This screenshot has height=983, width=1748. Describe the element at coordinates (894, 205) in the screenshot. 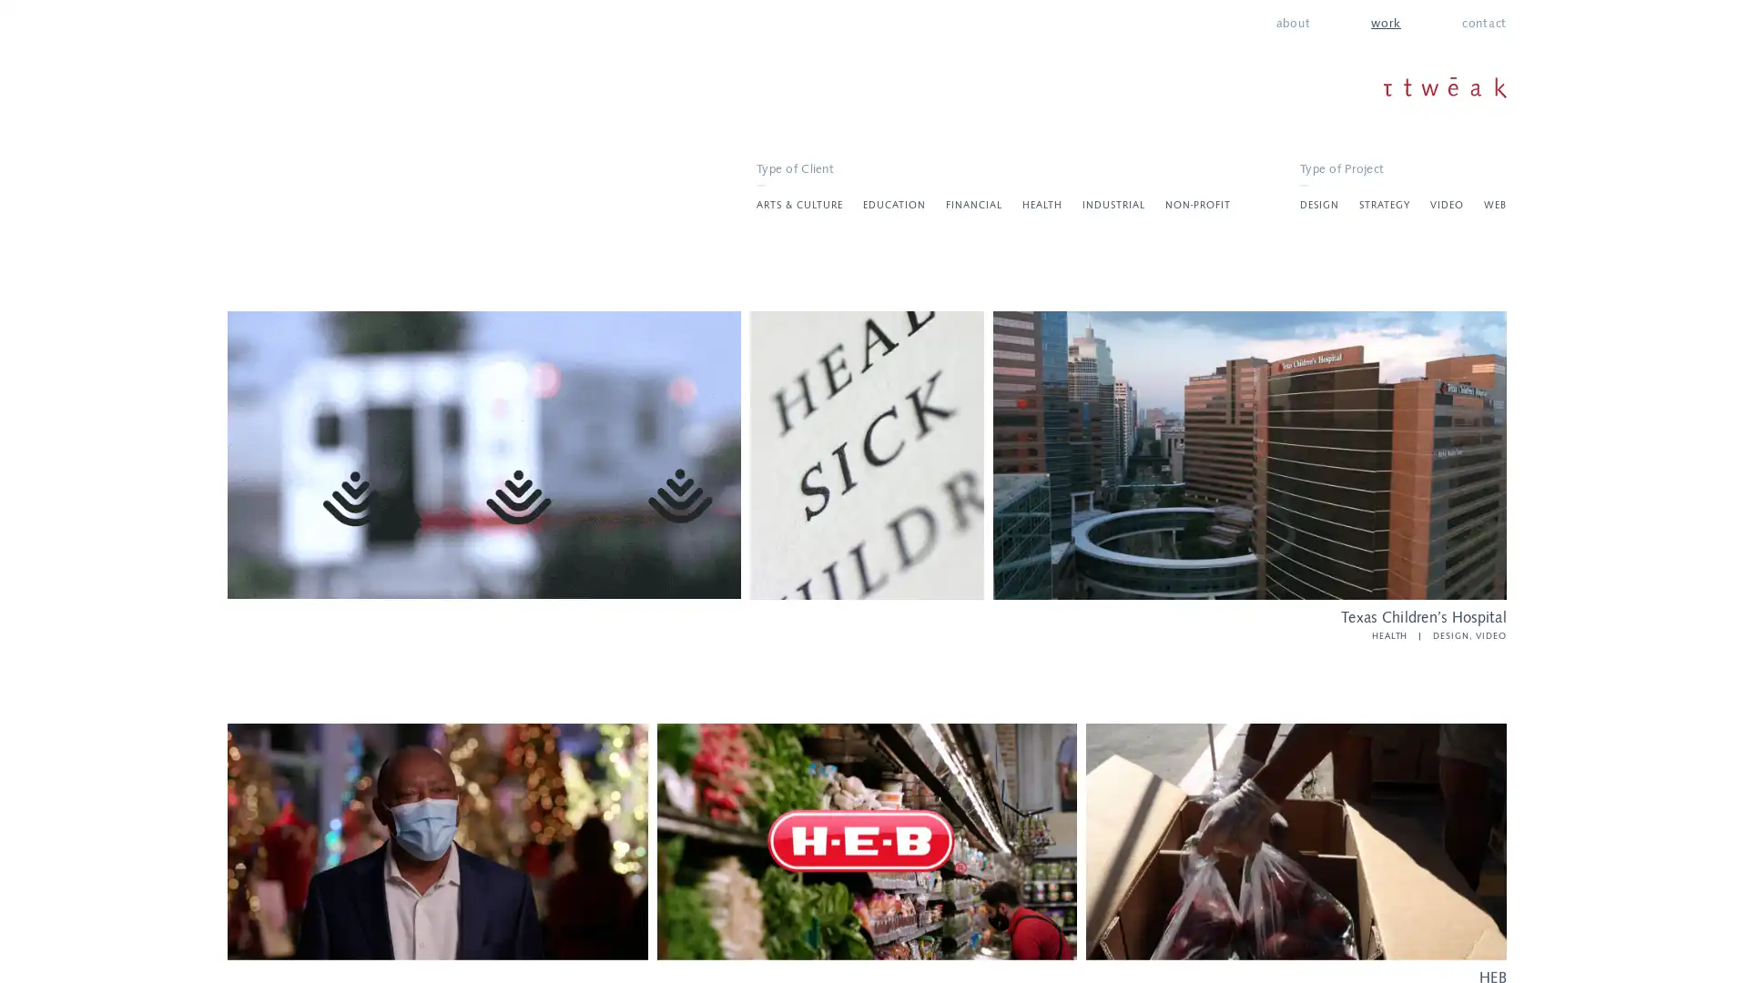

I see `EDUCATION` at that location.